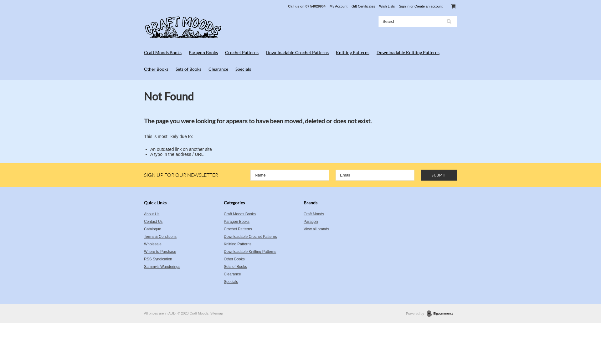 The image size is (601, 338). What do you see at coordinates (144, 69) in the screenshot?
I see `'Other Books'` at bounding box center [144, 69].